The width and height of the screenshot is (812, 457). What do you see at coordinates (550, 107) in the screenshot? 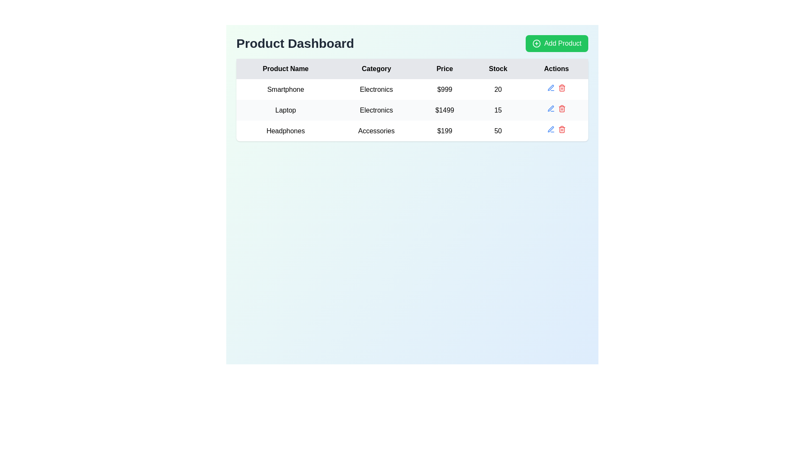
I see `the Edit Button icon located in the Actions column of the second row for the product 'Laptop' in the Product Dashboard table` at bounding box center [550, 107].